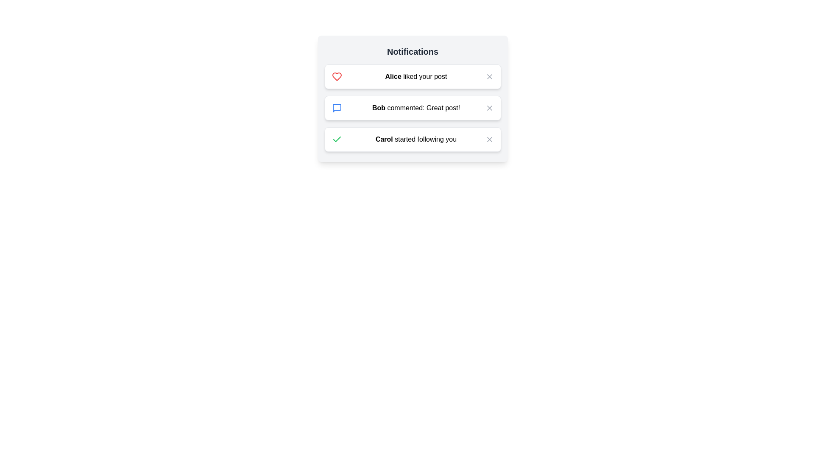 Image resolution: width=814 pixels, height=458 pixels. I want to click on the dismiss button represented by a light gray 'X' icon at the far-right end of the 'Carol started following you' notification, so click(489, 139).